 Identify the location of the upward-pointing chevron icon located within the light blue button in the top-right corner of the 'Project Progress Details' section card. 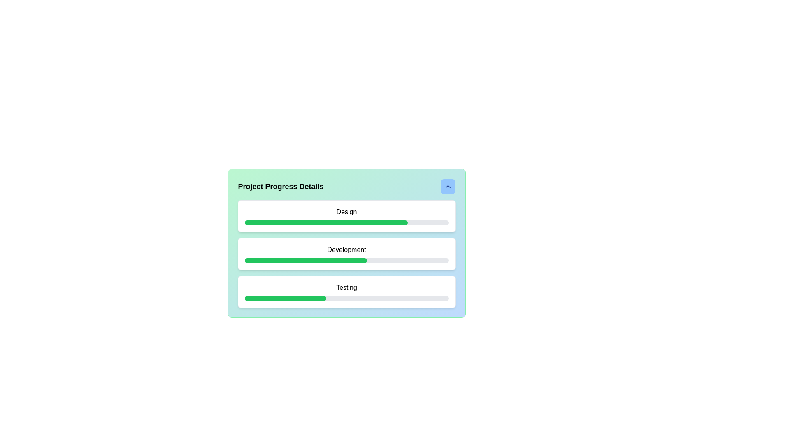
(447, 187).